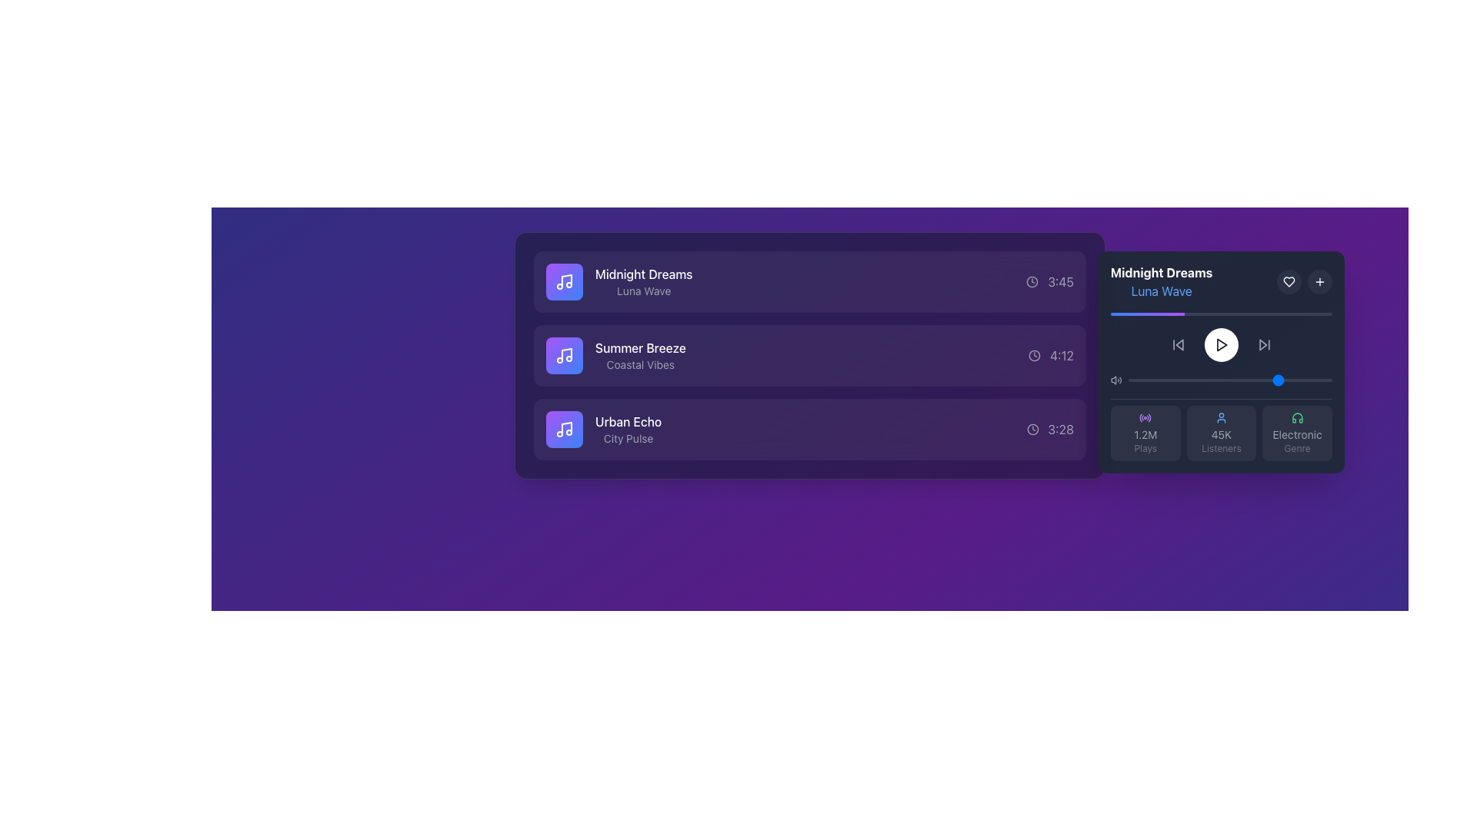  I want to click on the third item in the list of tracks, which displays the title 'Urban Echo' in large white text, so click(603, 430).